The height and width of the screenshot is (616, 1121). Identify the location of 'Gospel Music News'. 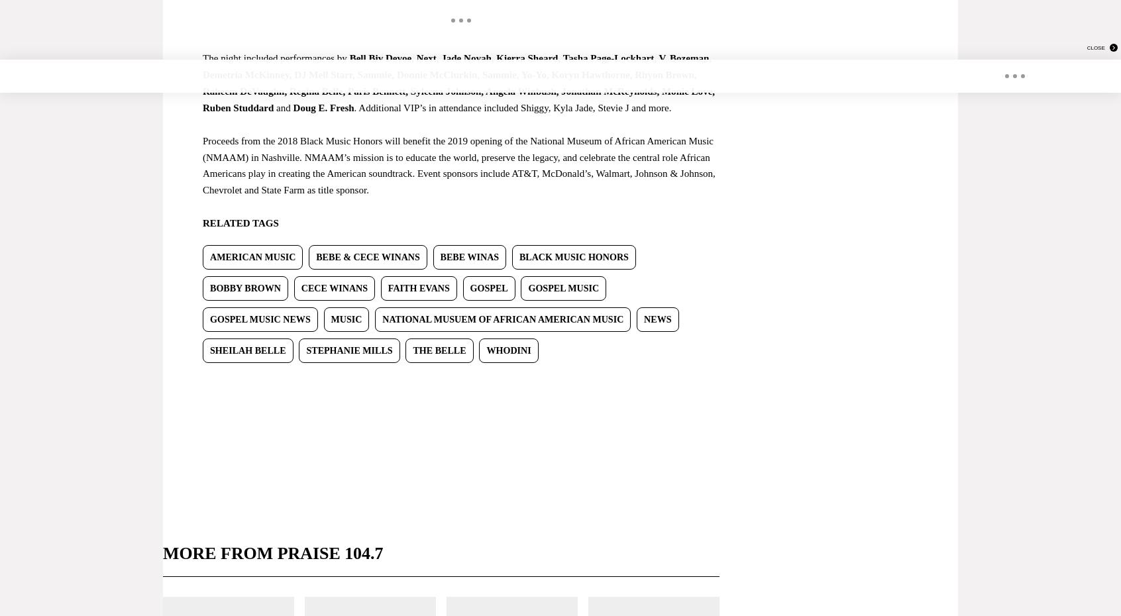
(260, 319).